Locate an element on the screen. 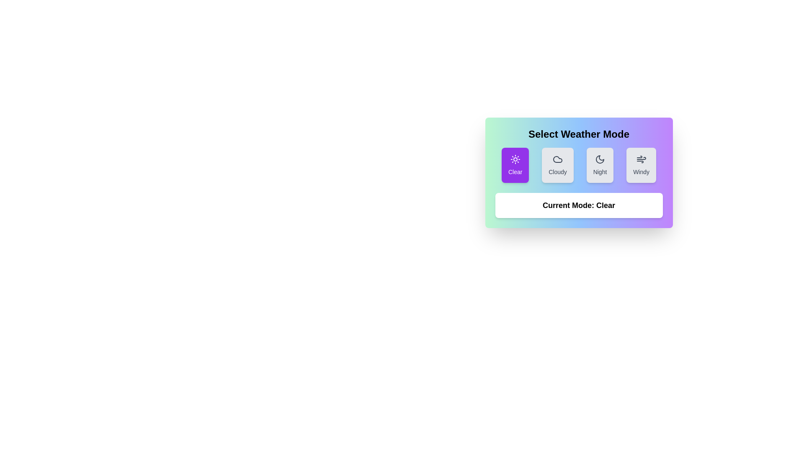  text label that says 'Night' which is located centrally within a button featuring a crescent moon icon above it is located at coordinates (599, 172).